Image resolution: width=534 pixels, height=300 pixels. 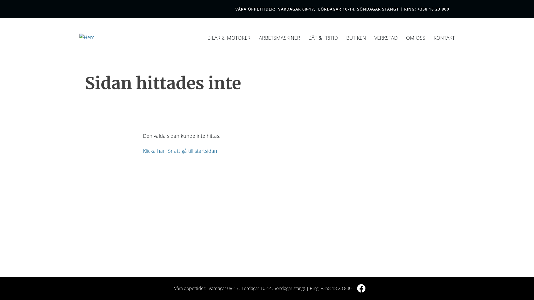 I want to click on 'VERKSTAD', so click(x=385, y=37).